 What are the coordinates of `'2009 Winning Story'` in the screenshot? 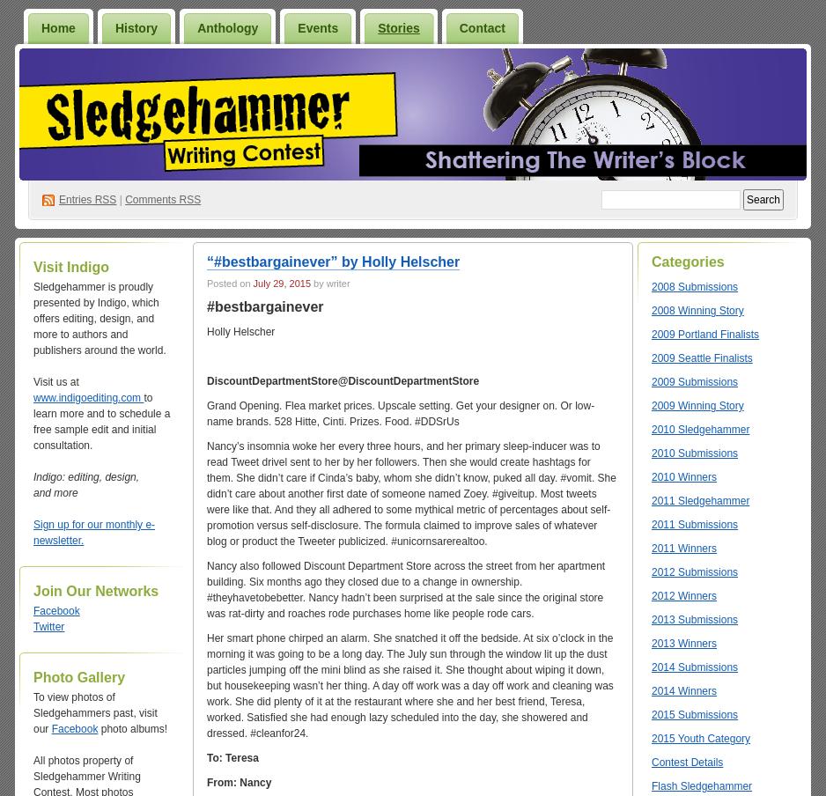 It's located at (696, 405).